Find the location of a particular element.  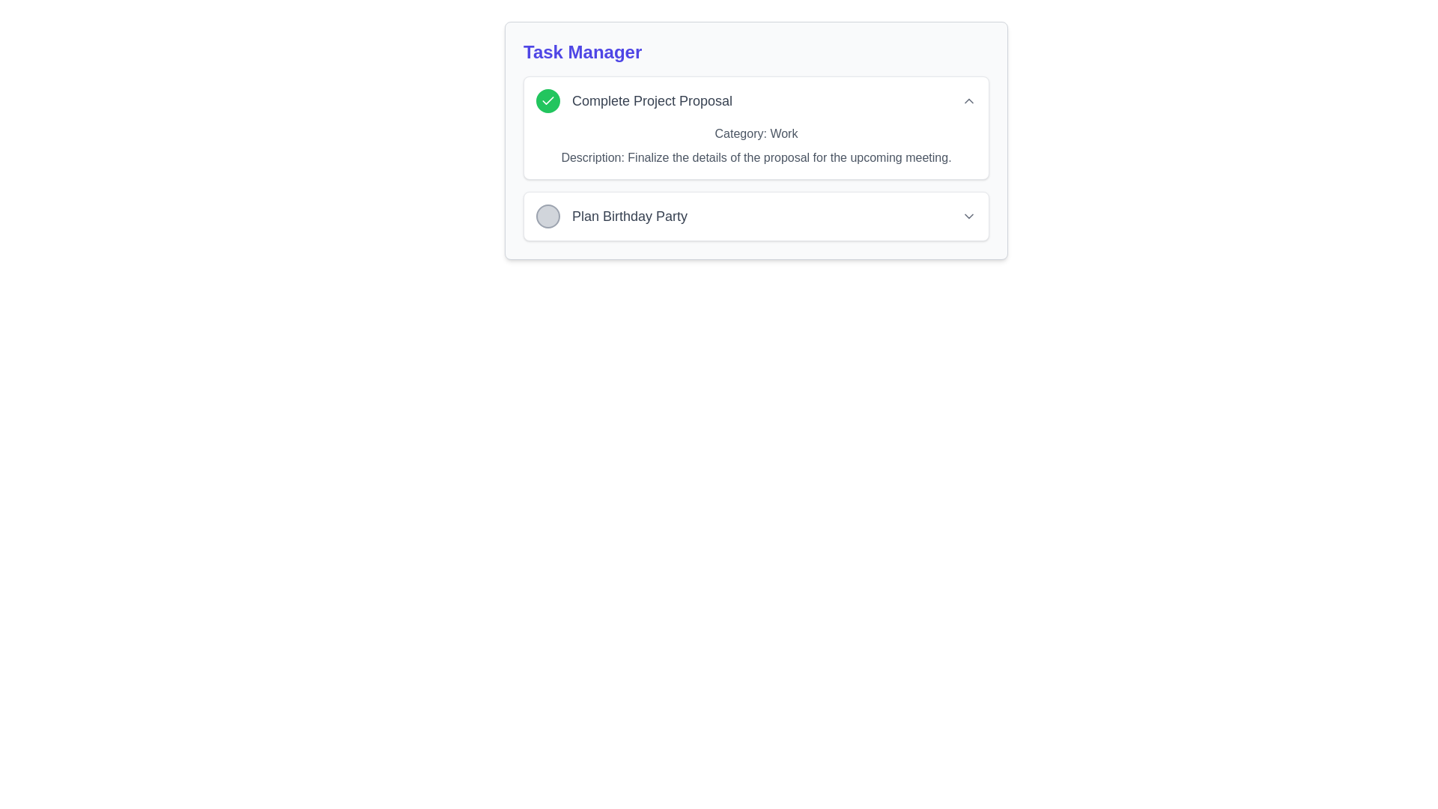

the text label that states 'Plan Birthday Party' within the 'Task Manager' section, which is the second task listed is located at coordinates (629, 216).